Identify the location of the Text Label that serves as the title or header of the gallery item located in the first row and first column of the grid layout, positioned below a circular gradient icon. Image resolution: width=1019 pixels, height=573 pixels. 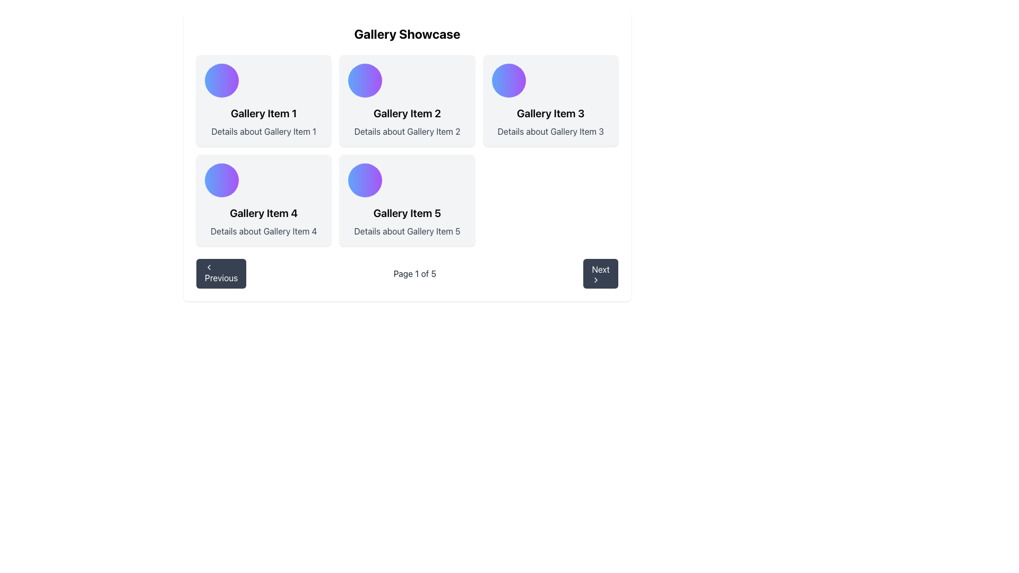
(264, 113).